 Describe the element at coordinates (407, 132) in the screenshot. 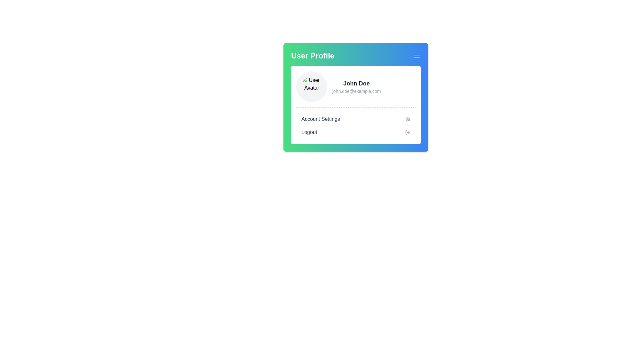

I see `the Logout icon located within the user profile card, positioned to the right of the 'Logout' text label` at that location.